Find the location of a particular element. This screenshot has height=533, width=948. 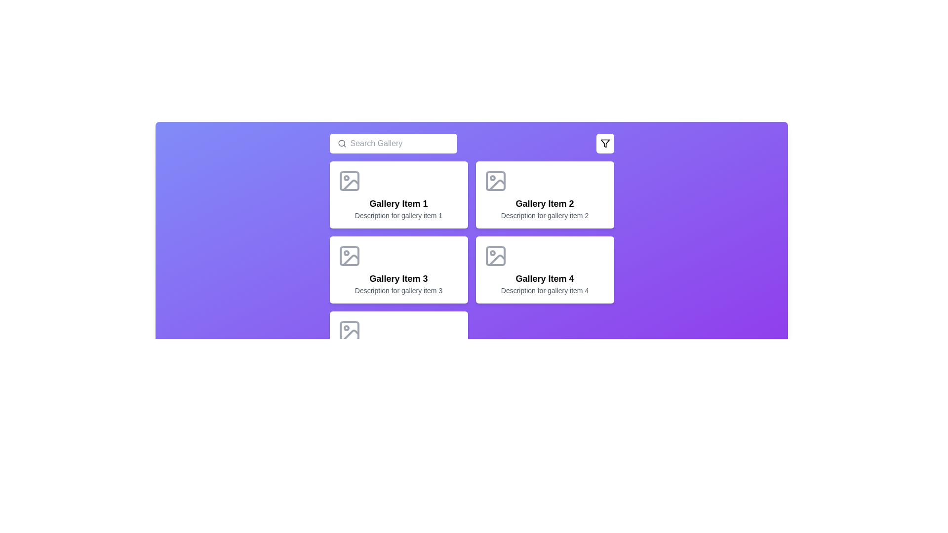

the second card in the gallery, located at the top-right of the grid, to visually highlight it is located at coordinates (544, 194).